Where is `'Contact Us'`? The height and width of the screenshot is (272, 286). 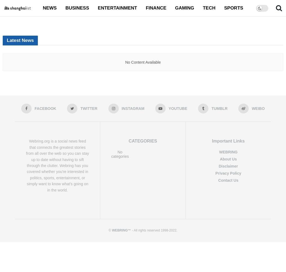
'Contact Us' is located at coordinates (218, 180).